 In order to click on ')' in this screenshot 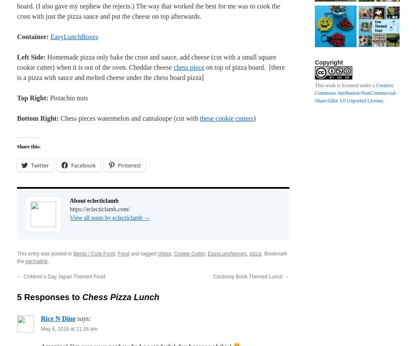, I will do `click(254, 118)`.